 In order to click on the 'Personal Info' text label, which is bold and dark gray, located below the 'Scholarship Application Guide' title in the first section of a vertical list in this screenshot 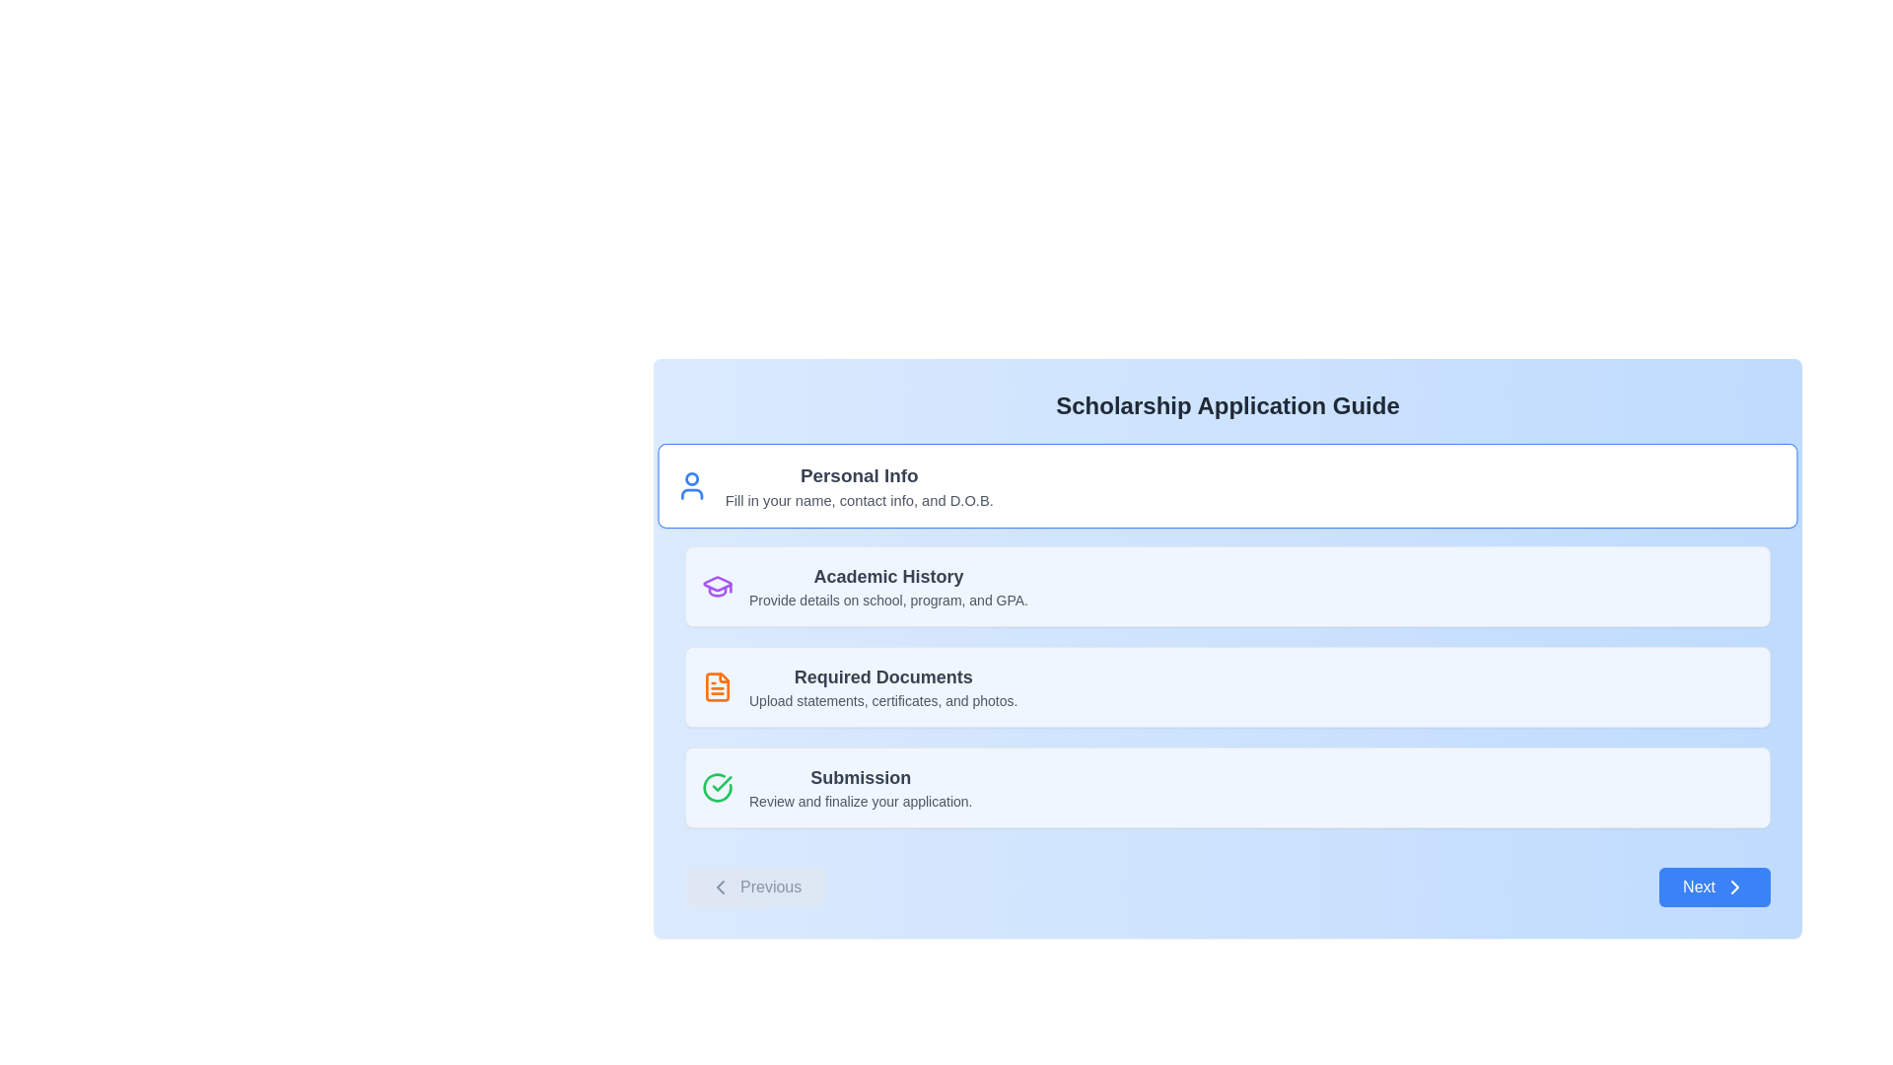, I will do `click(859, 475)`.